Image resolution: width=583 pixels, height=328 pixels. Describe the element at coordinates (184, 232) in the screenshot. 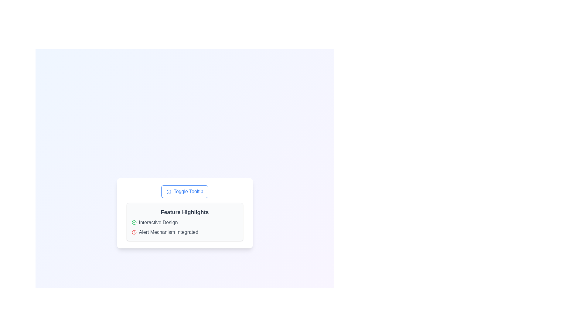

I see `the 'What this Text with icon does' informational indicator located under 'Feature Highlights'` at that location.